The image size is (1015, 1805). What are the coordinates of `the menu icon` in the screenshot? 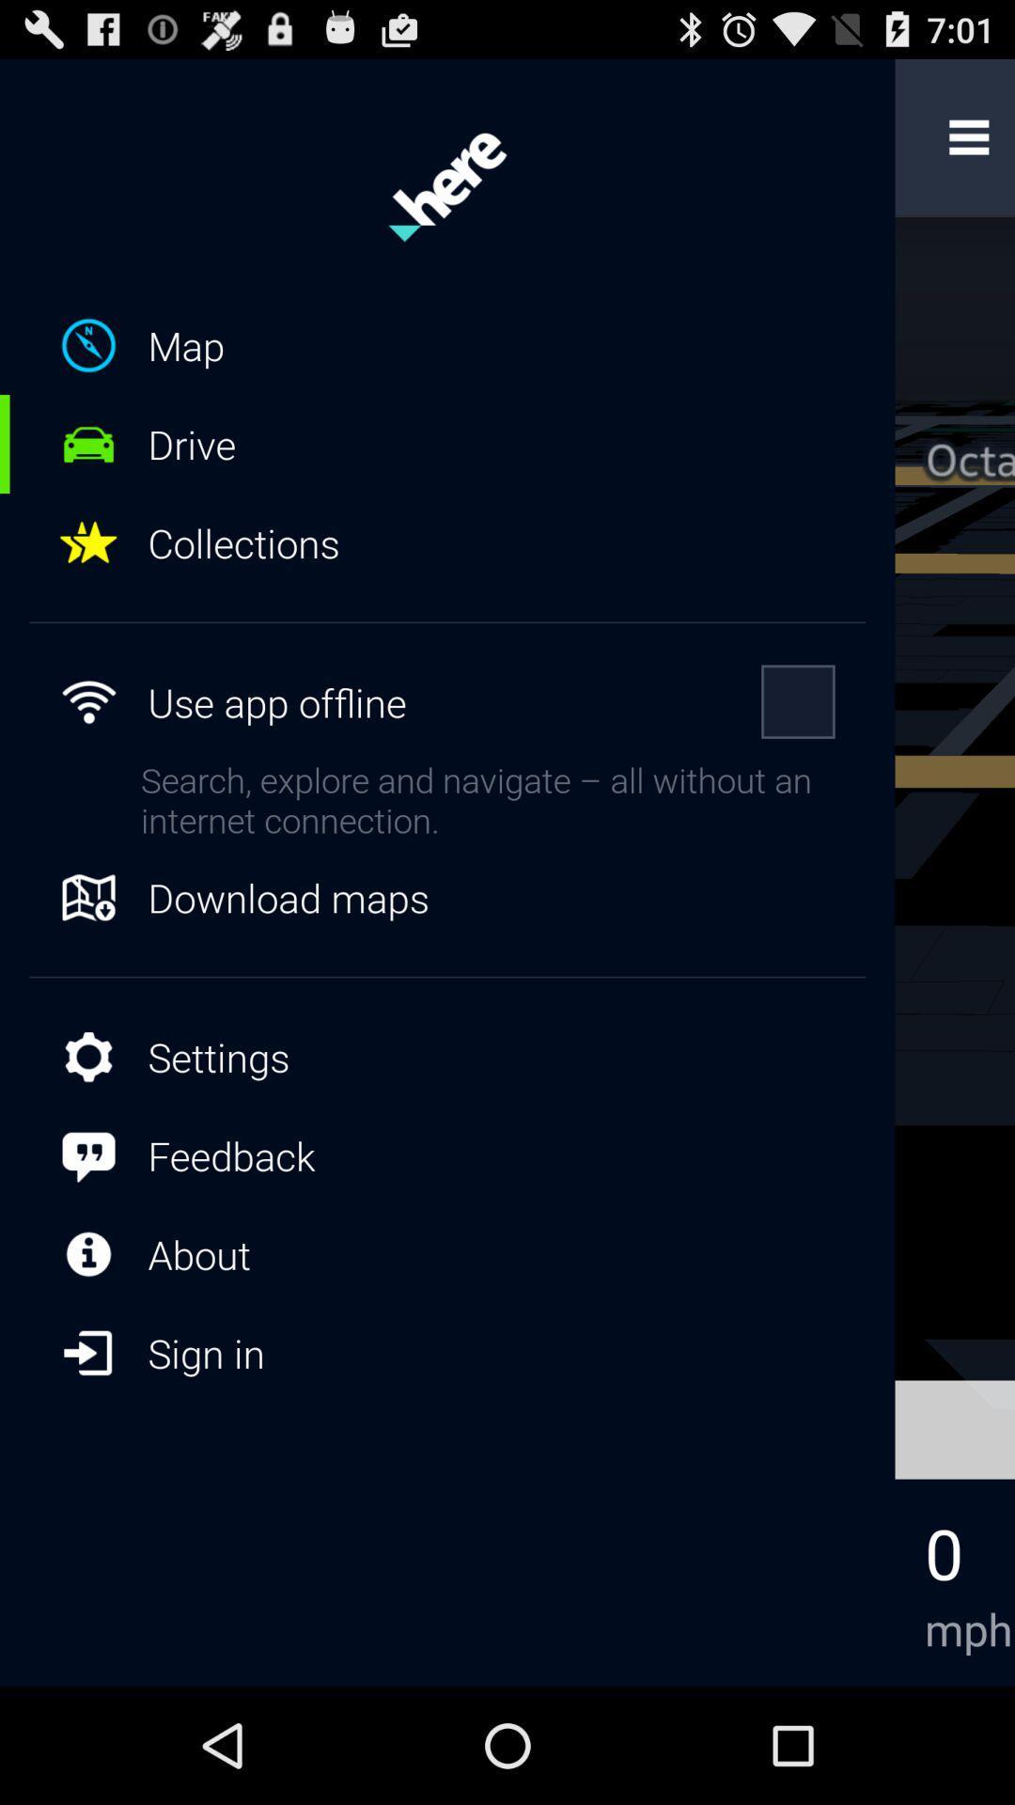 It's located at (969, 145).